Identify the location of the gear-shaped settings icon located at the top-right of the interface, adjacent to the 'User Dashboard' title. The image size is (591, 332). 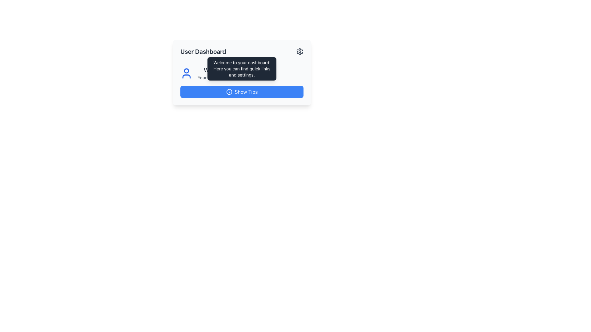
(300, 51).